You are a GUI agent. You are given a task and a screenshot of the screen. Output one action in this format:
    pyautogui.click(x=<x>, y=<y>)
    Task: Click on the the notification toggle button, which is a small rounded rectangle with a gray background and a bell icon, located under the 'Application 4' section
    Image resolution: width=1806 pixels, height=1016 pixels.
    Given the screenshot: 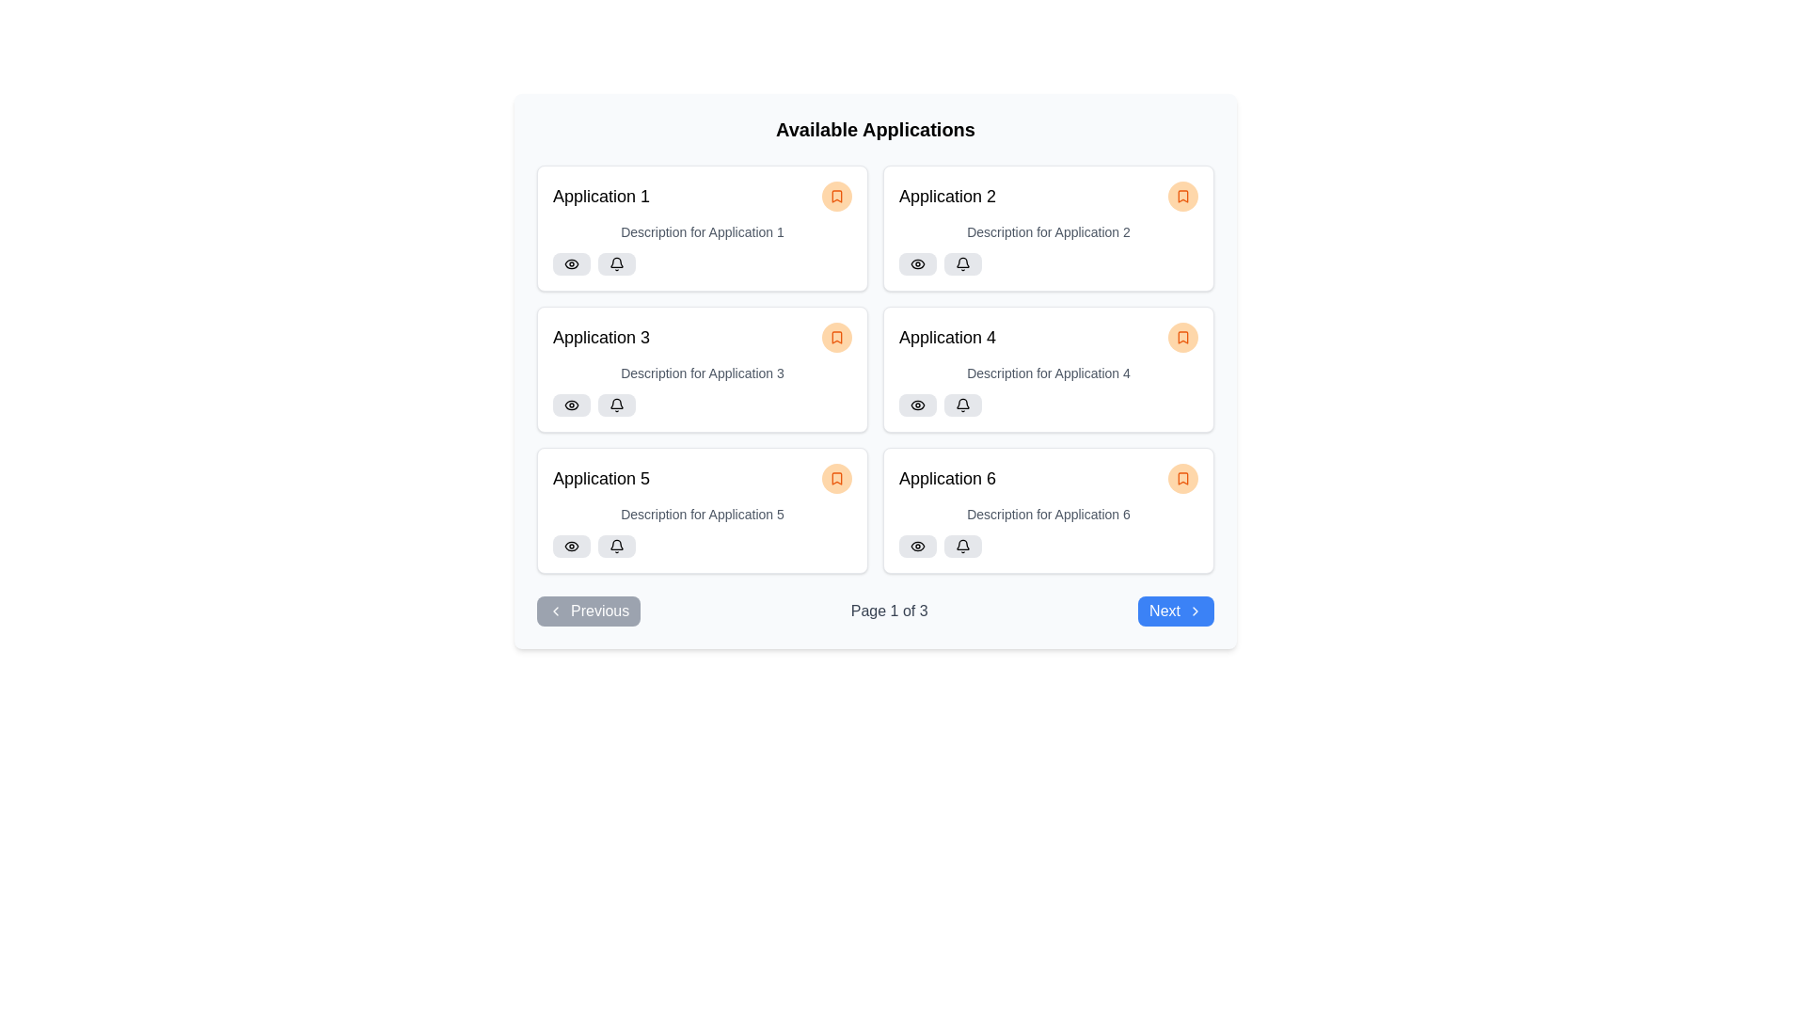 What is the action you would take?
    pyautogui.click(x=962, y=405)
    